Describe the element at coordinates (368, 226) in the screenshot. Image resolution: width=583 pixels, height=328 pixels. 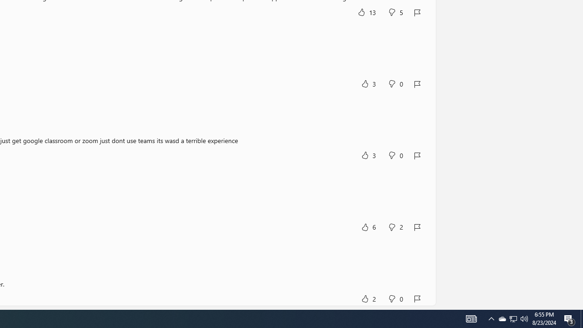
I see `'Yes, this was helpful. 6 votes.'` at that location.